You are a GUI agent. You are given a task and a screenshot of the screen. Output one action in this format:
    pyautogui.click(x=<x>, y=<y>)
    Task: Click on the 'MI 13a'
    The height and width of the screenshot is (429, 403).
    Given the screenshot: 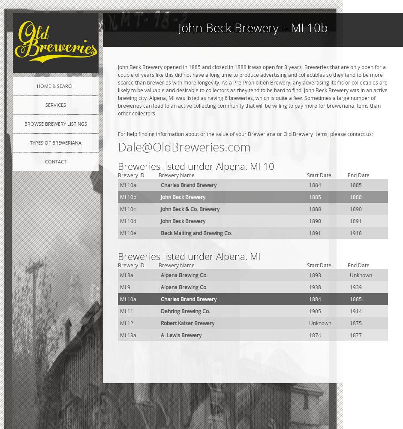 What is the action you would take?
    pyautogui.click(x=128, y=335)
    